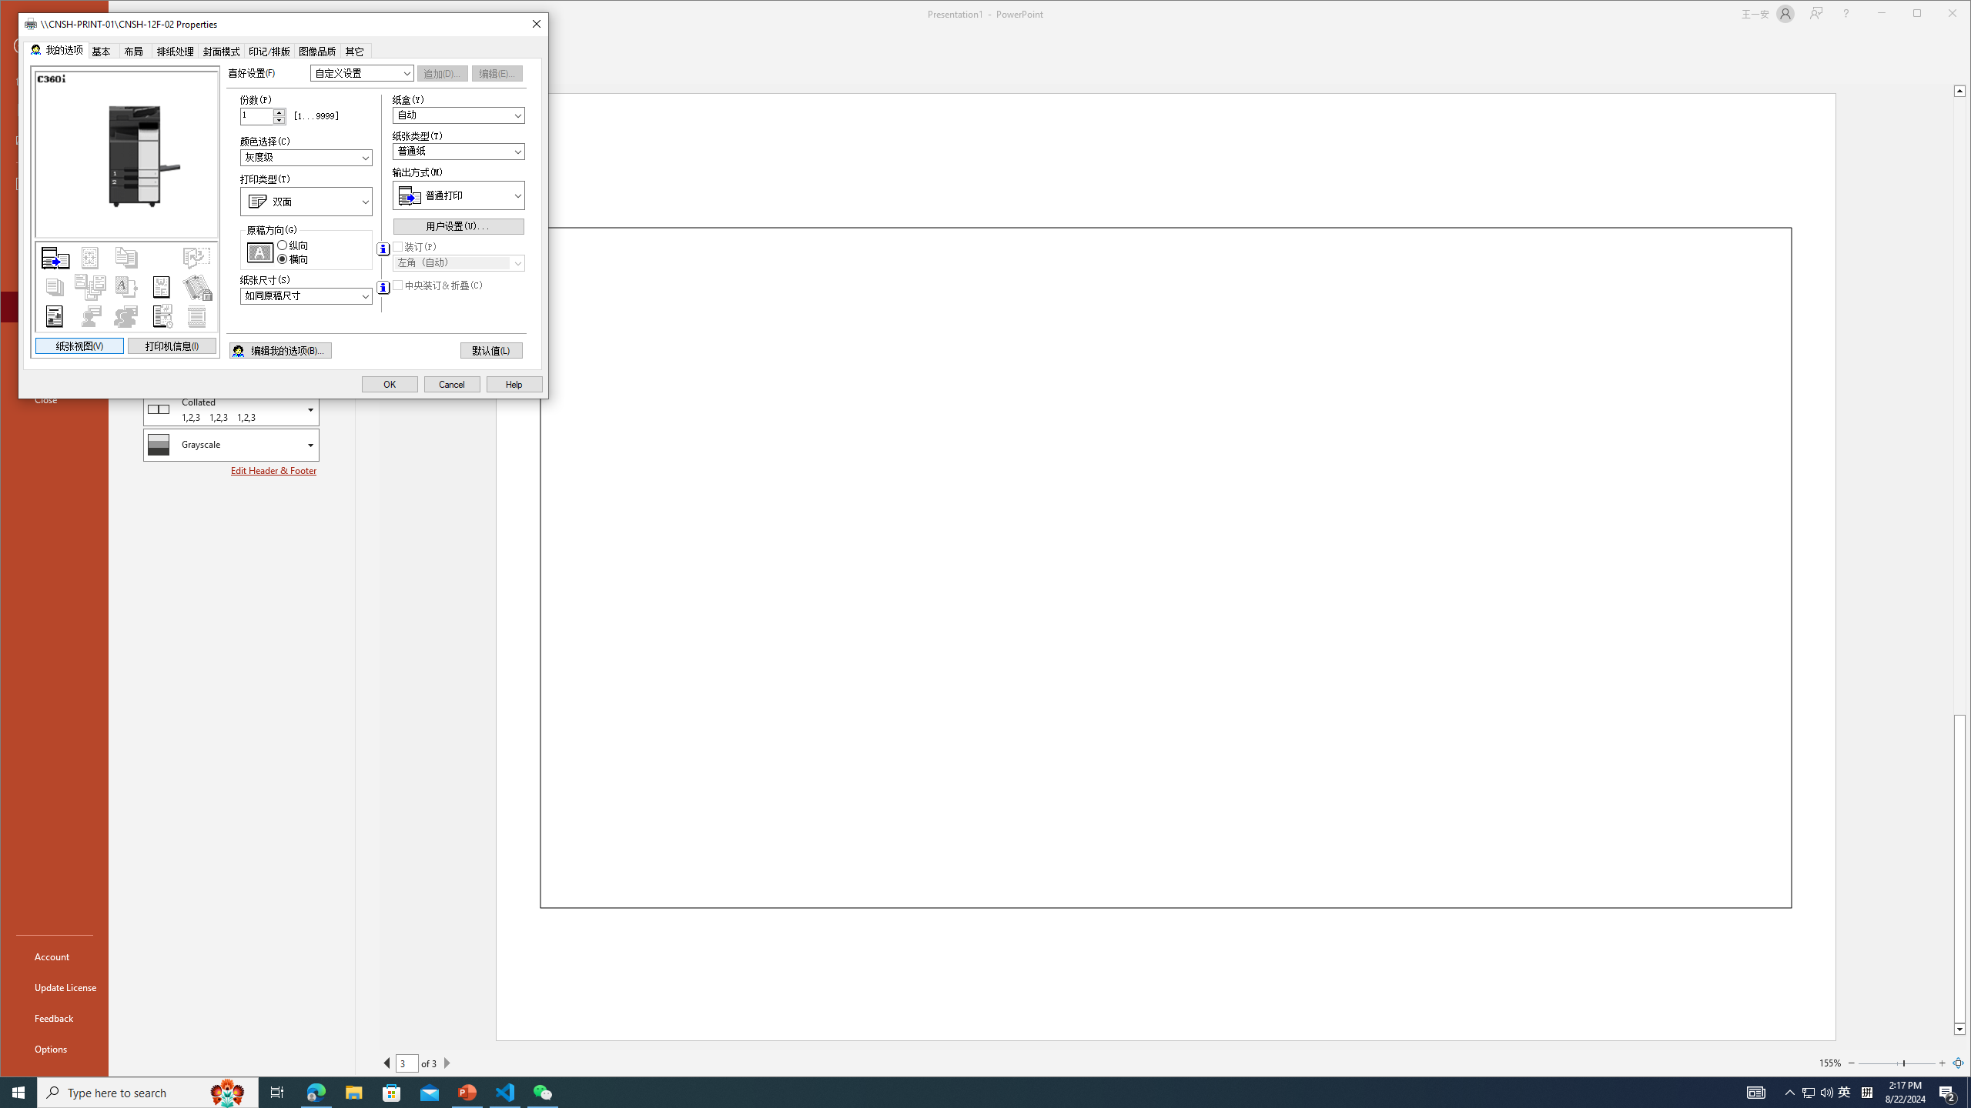 This screenshot has height=1108, width=1971. What do you see at coordinates (53, 1017) in the screenshot?
I see `'Feedback'` at bounding box center [53, 1017].